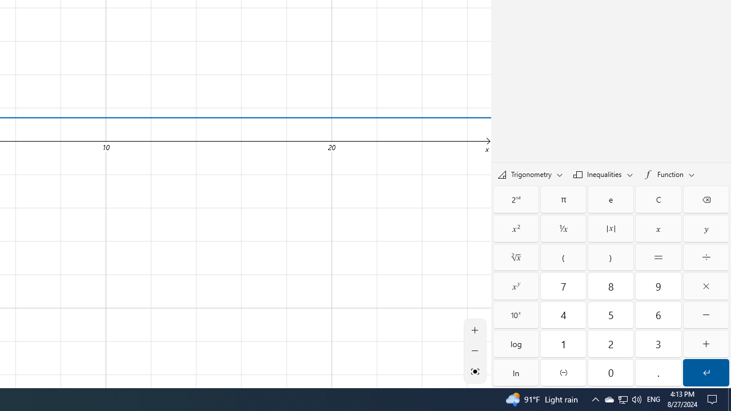  Describe the element at coordinates (610, 315) in the screenshot. I see `'Five'` at that location.